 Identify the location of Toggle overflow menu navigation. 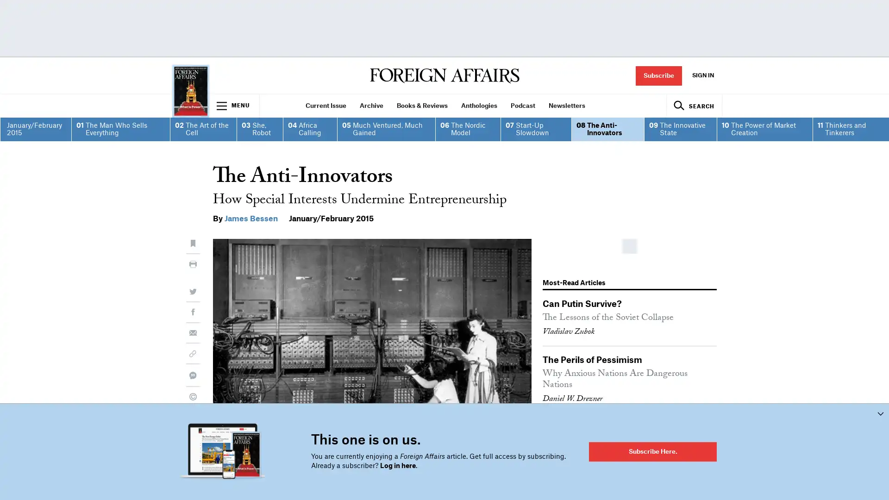
(234, 105).